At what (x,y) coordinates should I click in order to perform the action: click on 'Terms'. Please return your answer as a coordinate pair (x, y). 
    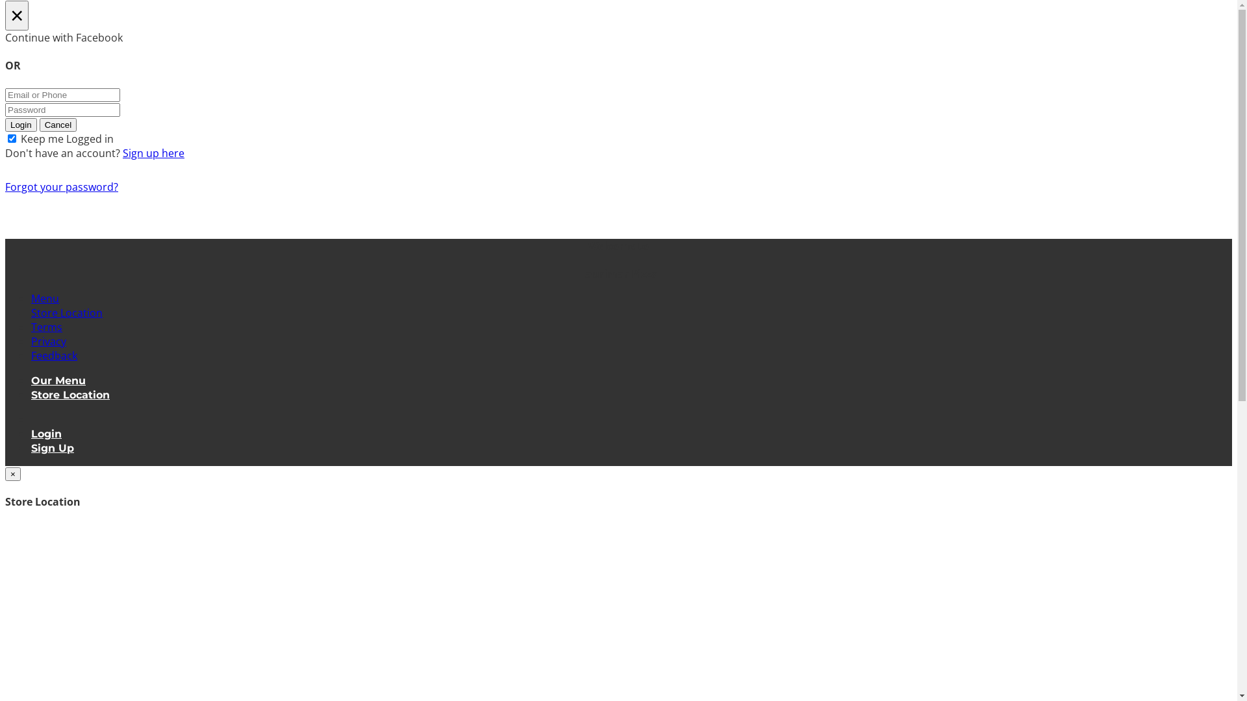
    Looking at the image, I should click on (31, 326).